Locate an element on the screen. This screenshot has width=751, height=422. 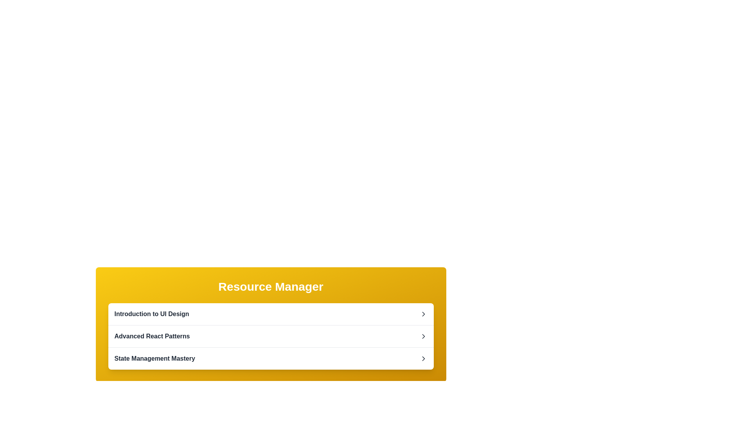
the second interactive list item labeled 'Advanced React Patterns' is located at coordinates (271, 336).